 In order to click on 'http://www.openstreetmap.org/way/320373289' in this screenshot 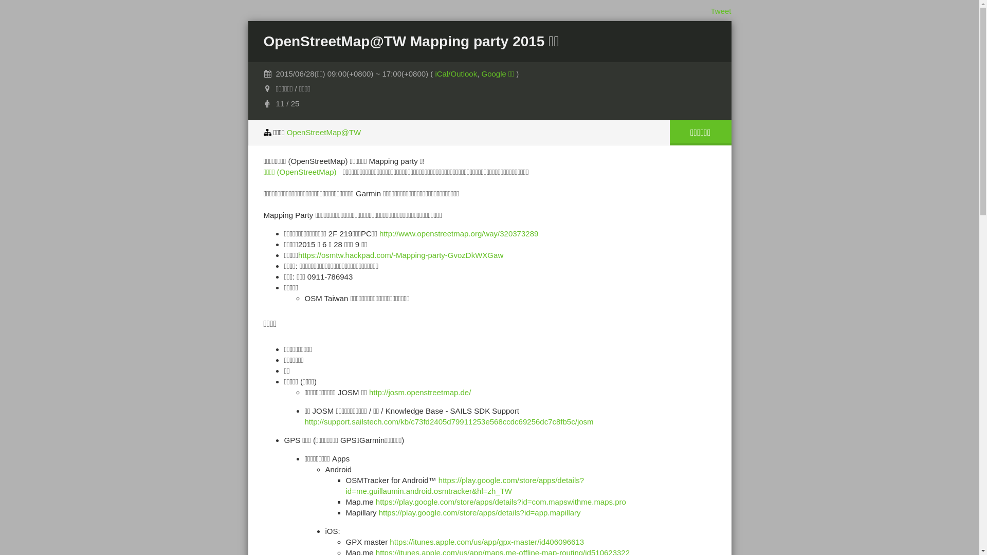, I will do `click(458, 233)`.